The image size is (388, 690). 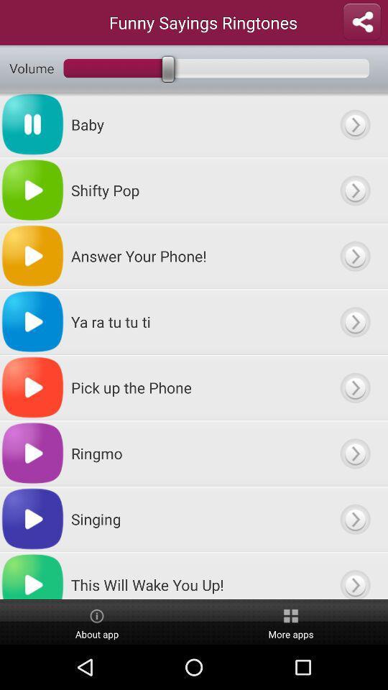 What do you see at coordinates (354, 321) in the screenshot?
I see `ringtone` at bounding box center [354, 321].